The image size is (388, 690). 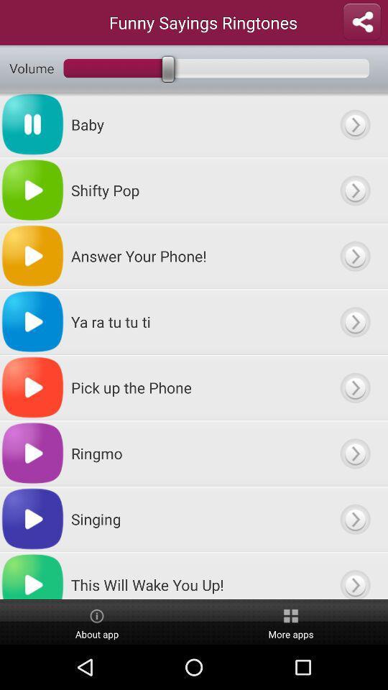 What do you see at coordinates (354, 321) in the screenshot?
I see `ringtone` at bounding box center [354, 321].